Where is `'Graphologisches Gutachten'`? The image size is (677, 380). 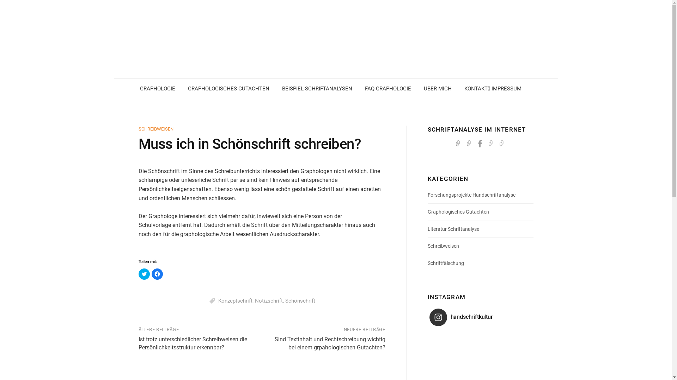 'Graphologisches Gutachten' is located at coordinates (458, 211).